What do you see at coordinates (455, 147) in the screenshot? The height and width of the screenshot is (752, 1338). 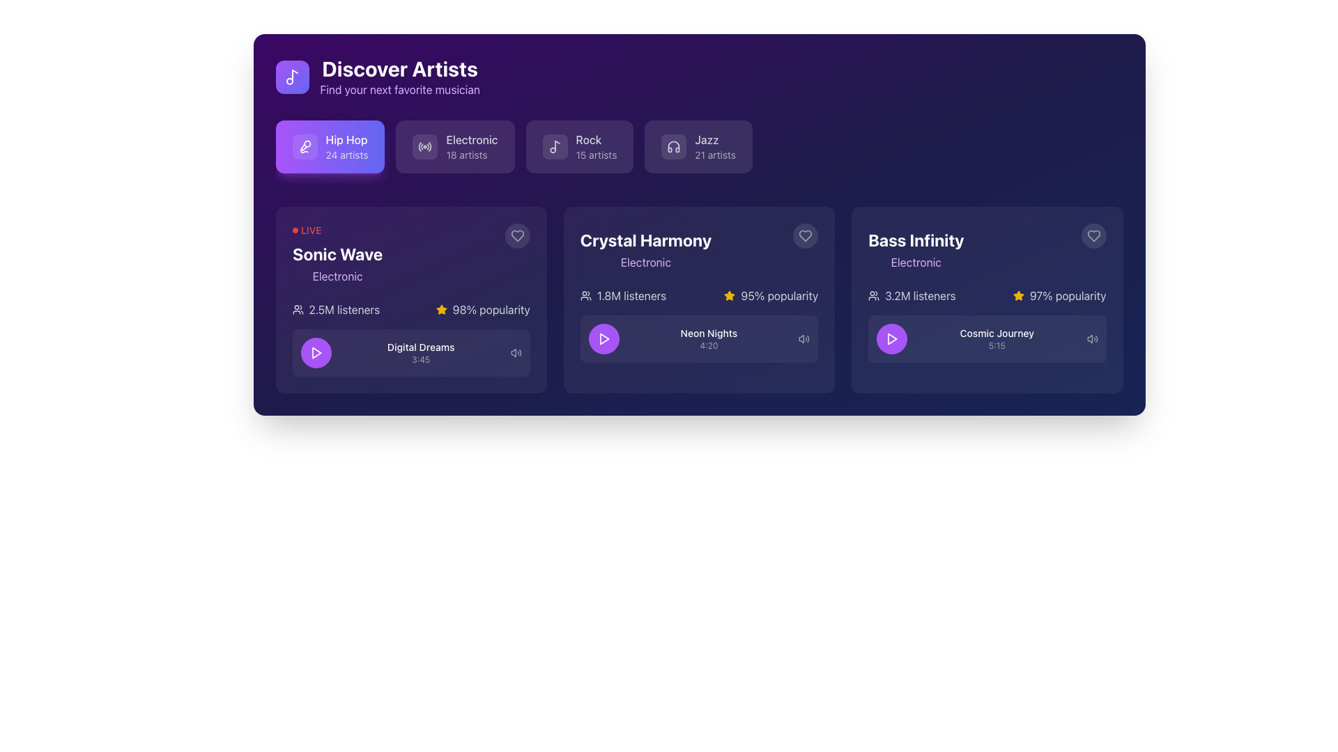 I see `the 'Electronic' music selection button located in the 'Discover Artists' section` at bounding box center [455, 147].